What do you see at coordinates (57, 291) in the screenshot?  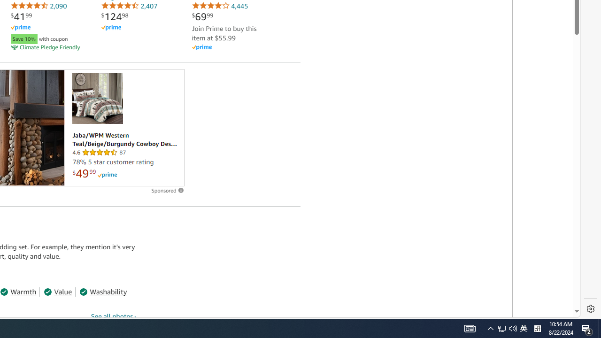 I see `'Value'` at bounding box center [57, 291].